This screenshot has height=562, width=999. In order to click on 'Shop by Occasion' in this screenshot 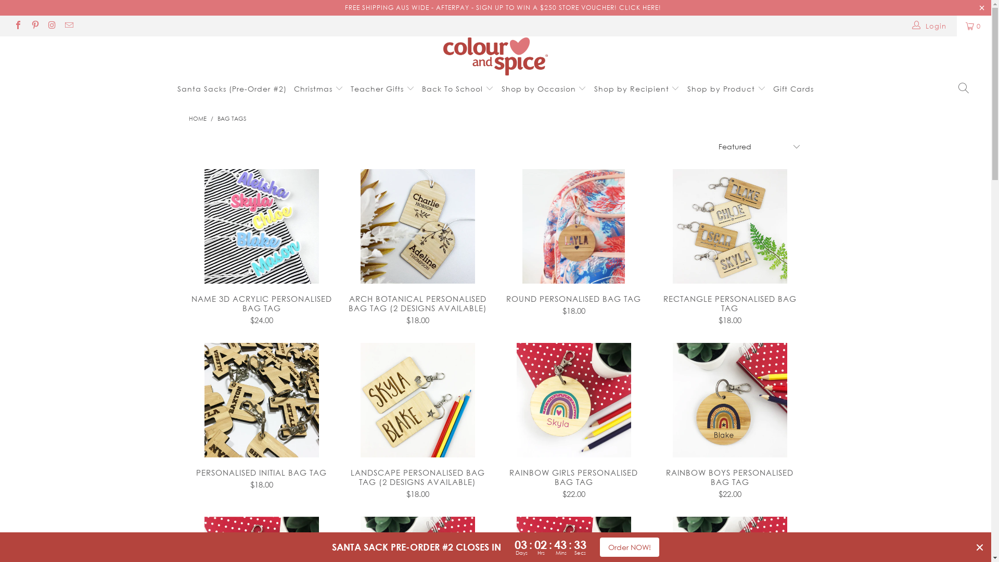, I will do `click(544, 87)`.